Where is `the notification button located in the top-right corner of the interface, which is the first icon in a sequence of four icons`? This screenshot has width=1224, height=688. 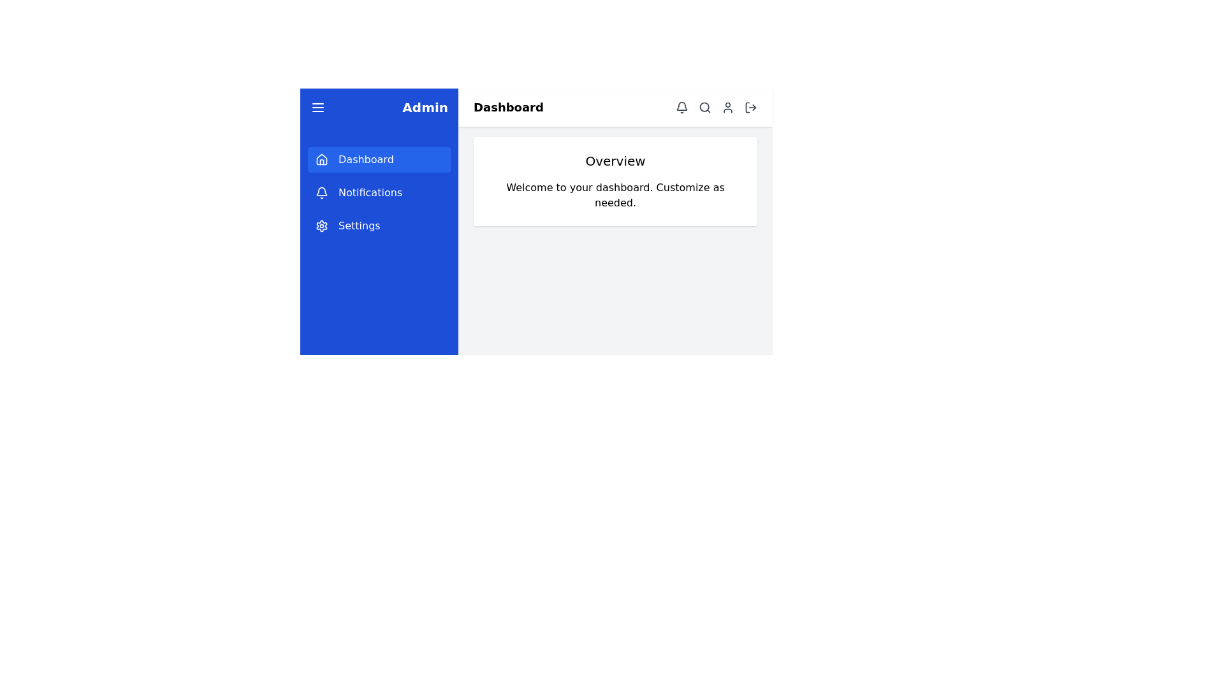
the notification button located in the top-right corner of the interface, which is the first icon in a sequence of four icons is located at coordinates (681, 107).